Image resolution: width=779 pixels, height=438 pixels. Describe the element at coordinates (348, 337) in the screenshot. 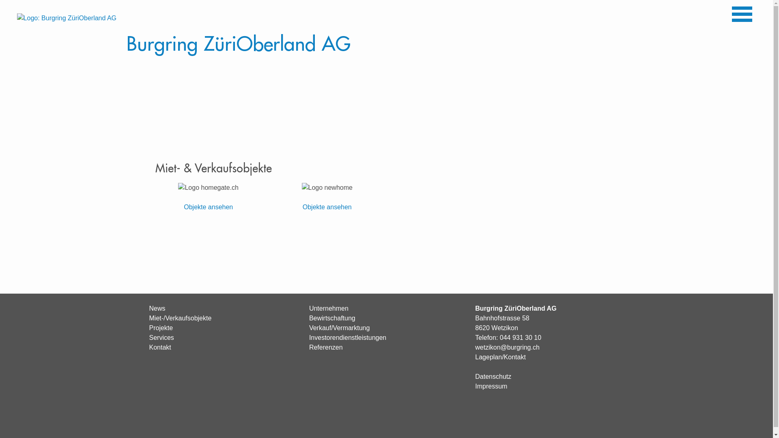

I see `'Investorendienstleistungen'` at that location.